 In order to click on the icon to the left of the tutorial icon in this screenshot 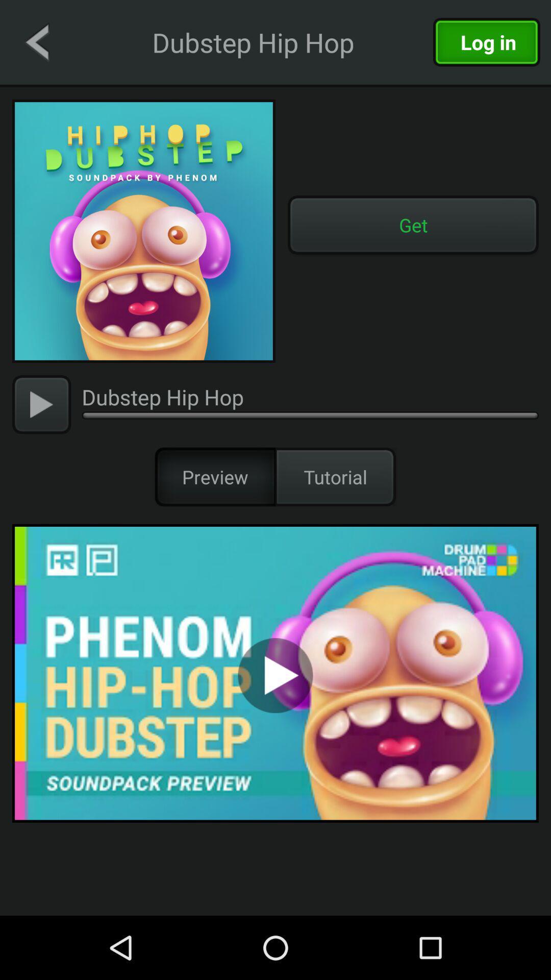, I will do `click(214, 476)`.